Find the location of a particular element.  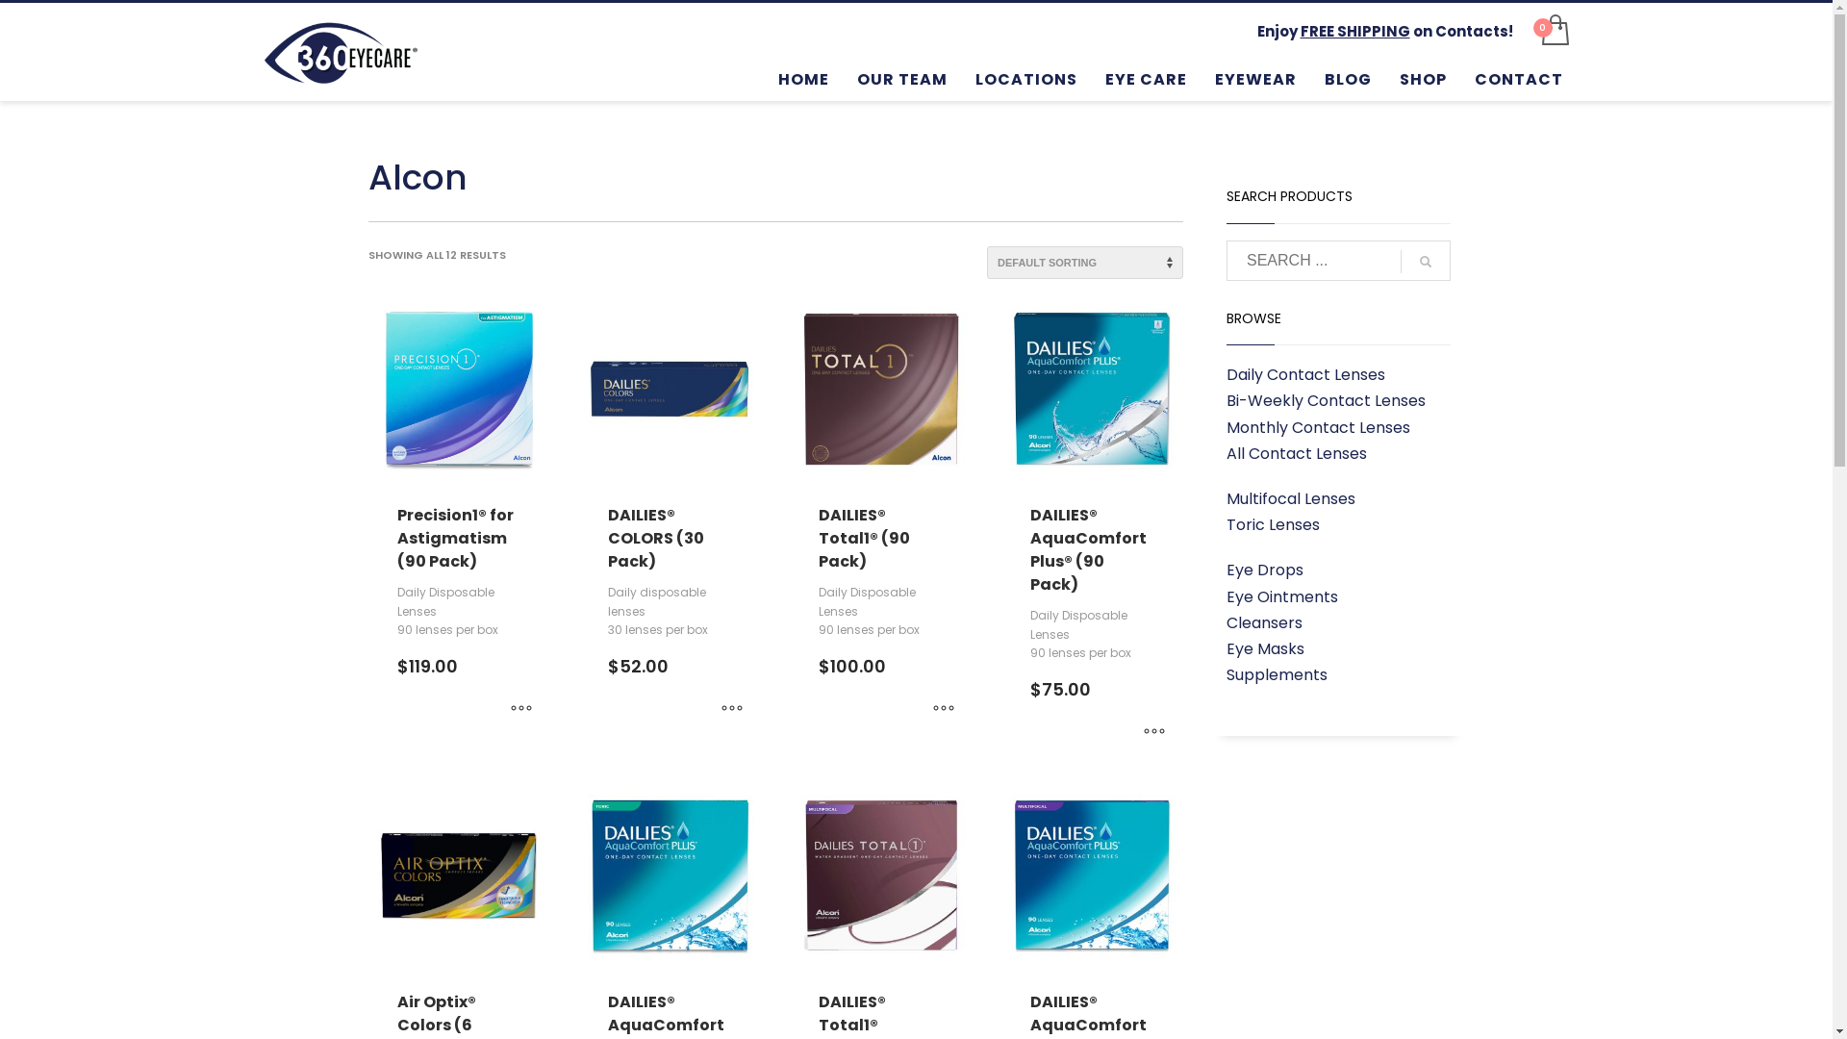

'MORE INFO' is located at coordinates (502, 708).